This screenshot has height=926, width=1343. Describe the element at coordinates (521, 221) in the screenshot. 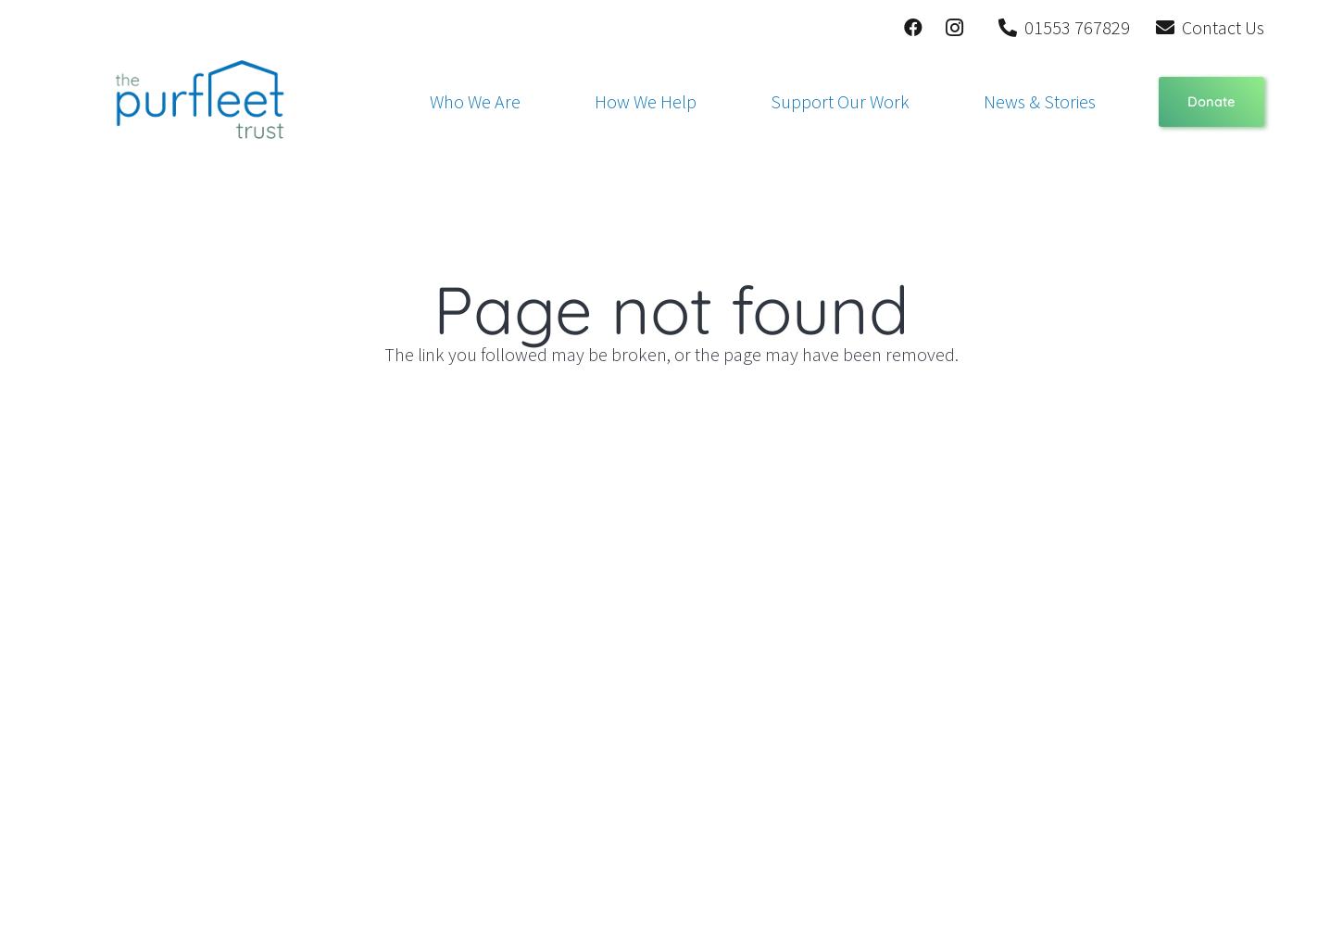

I see `'Our Aims, Values & Objectives'` at that location.